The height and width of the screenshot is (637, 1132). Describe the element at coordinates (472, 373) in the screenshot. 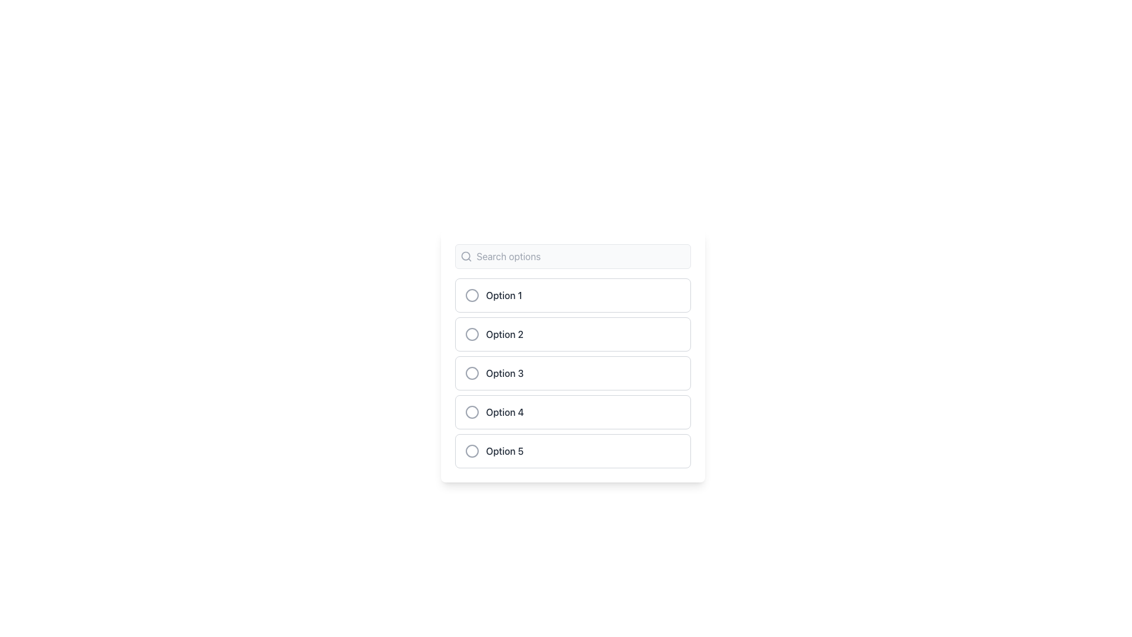

I see `the radio button for 'Option 3'` at that location.